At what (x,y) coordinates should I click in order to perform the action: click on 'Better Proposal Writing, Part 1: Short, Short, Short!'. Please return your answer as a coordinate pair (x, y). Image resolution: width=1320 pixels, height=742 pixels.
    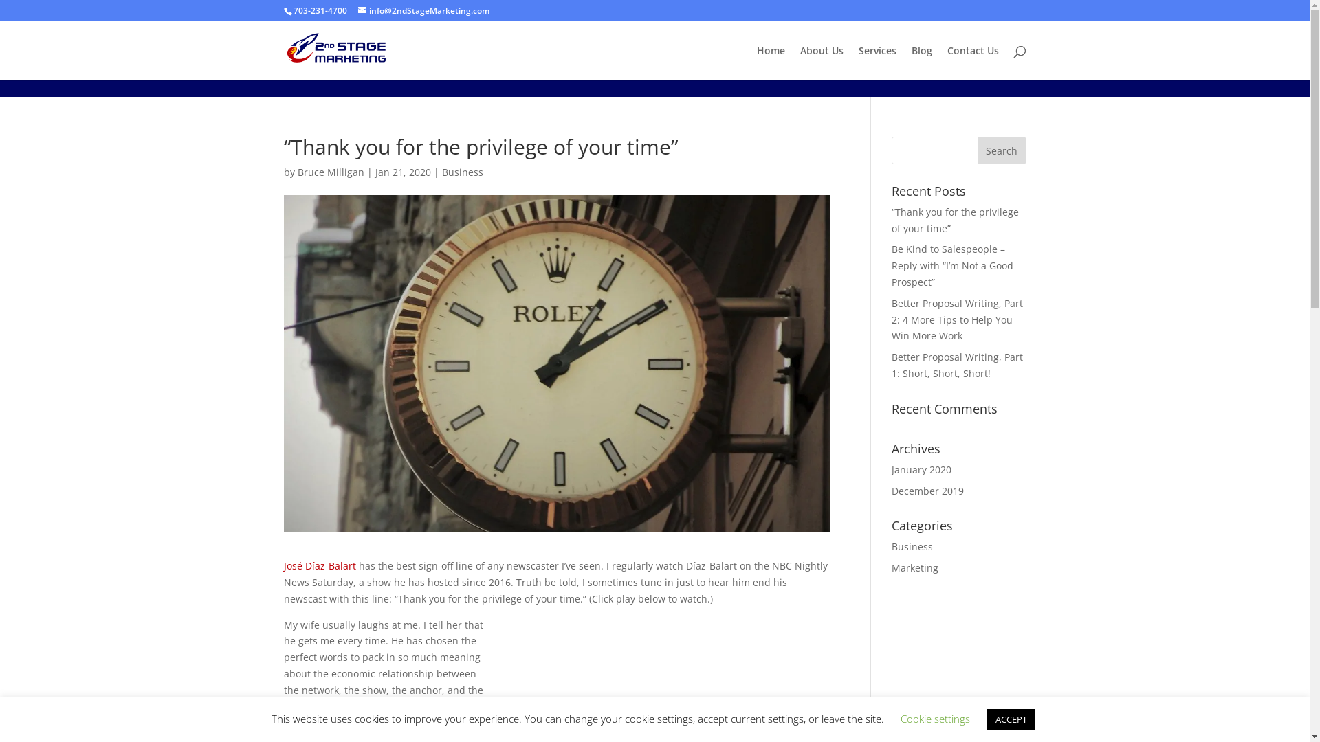
    Looking at the image, I should click on (956, 364).